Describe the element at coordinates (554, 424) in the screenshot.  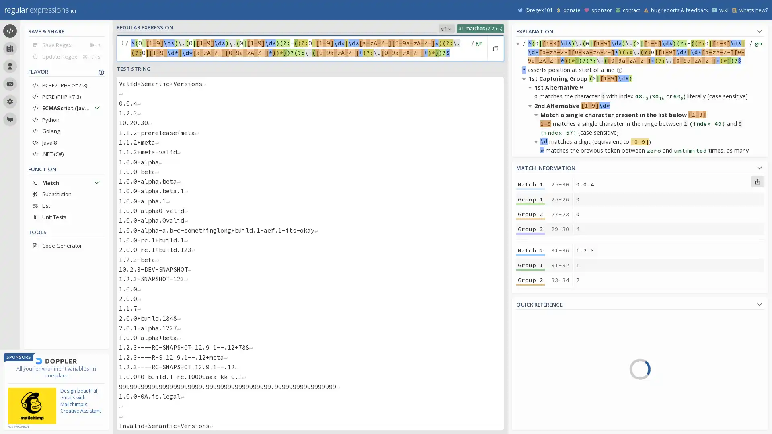
I see `Flags/Modifiers` at that location.